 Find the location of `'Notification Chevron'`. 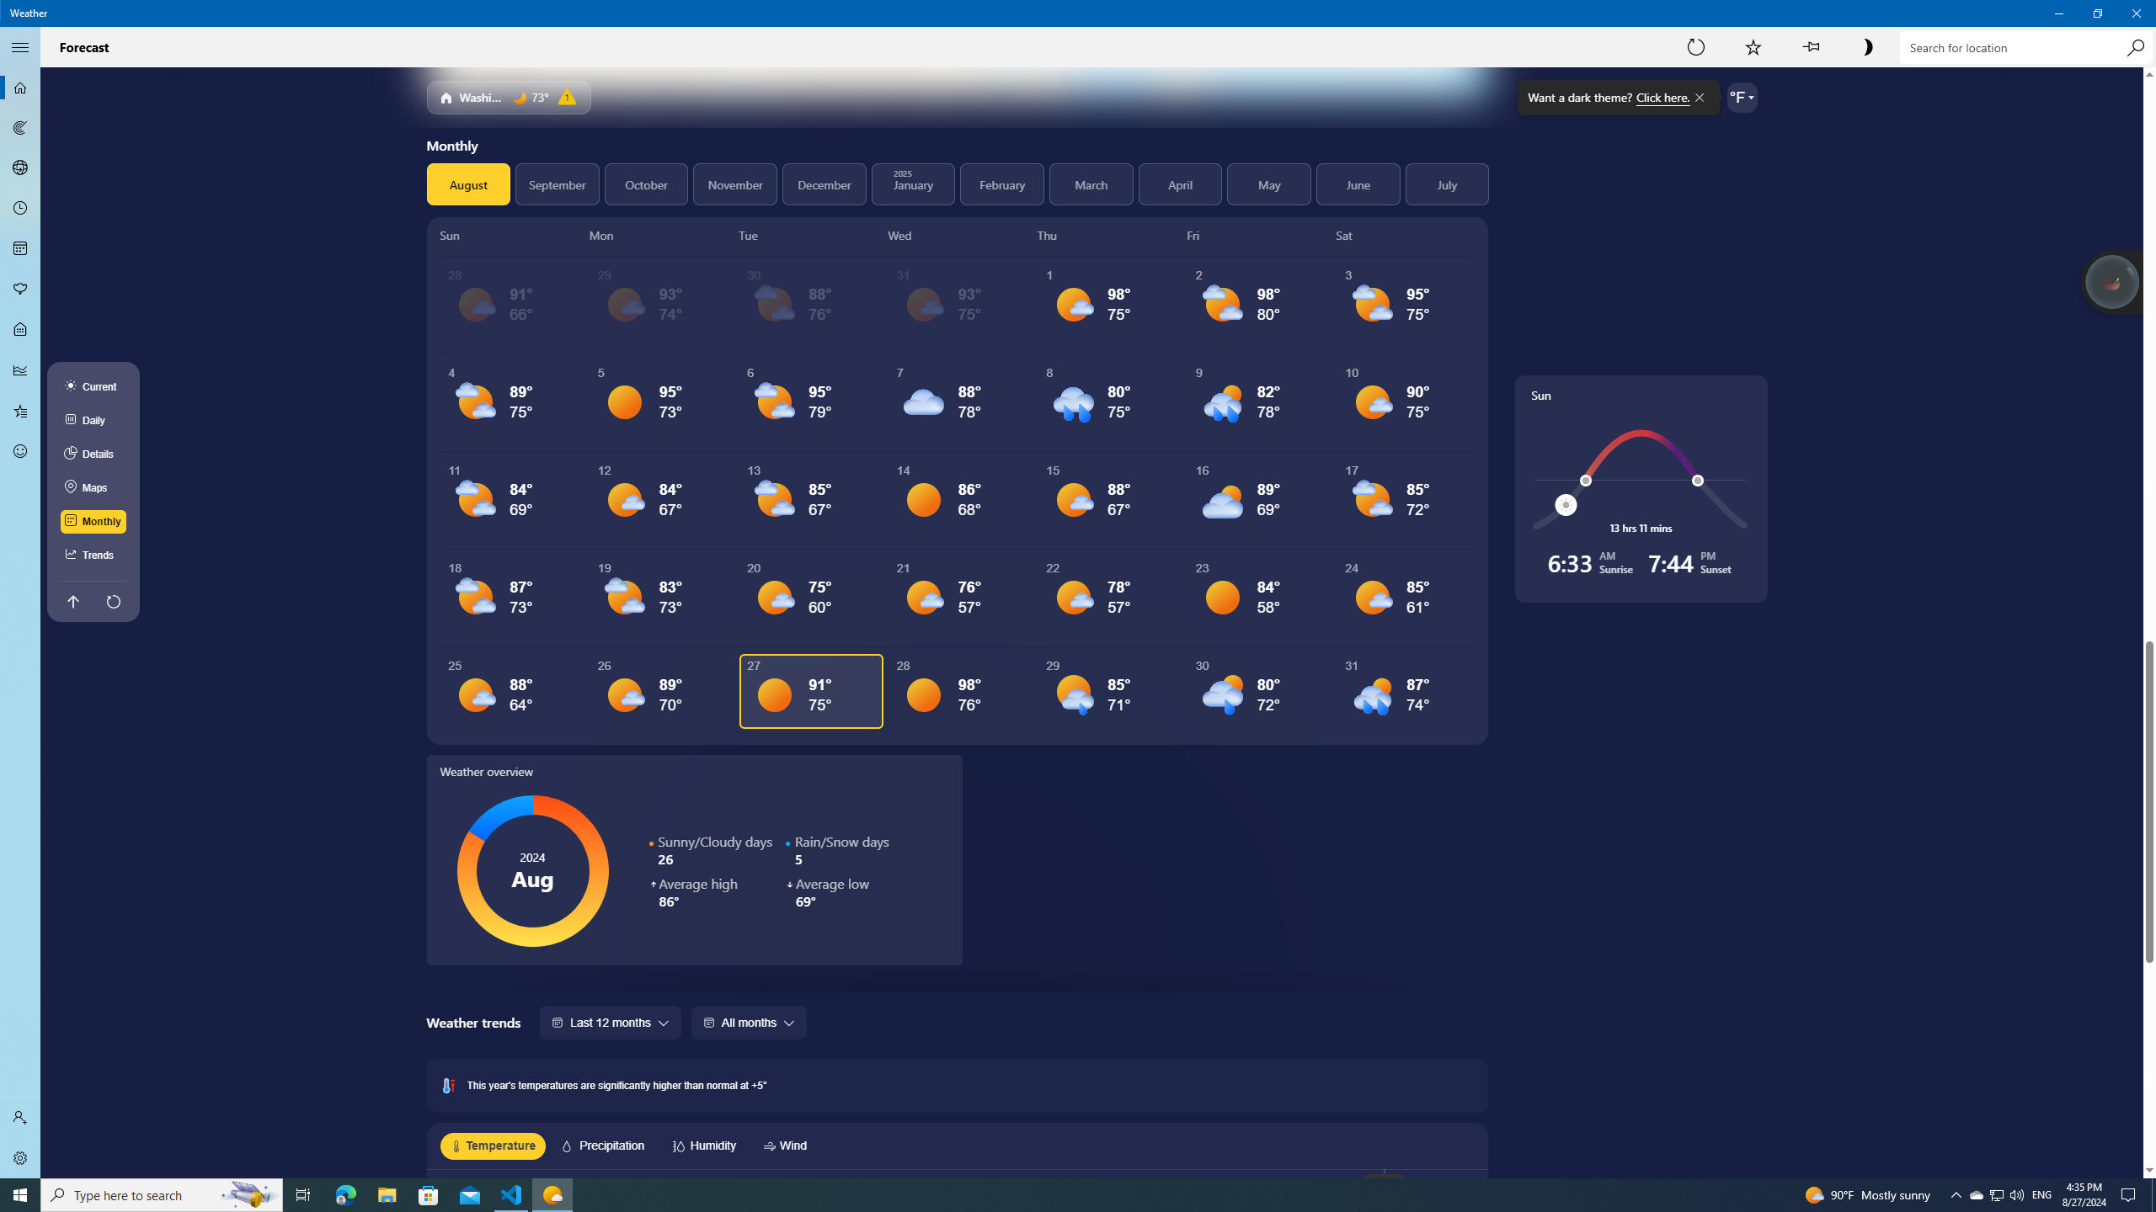

'Notification Chevron' is located at coordinates (1956, 1193).